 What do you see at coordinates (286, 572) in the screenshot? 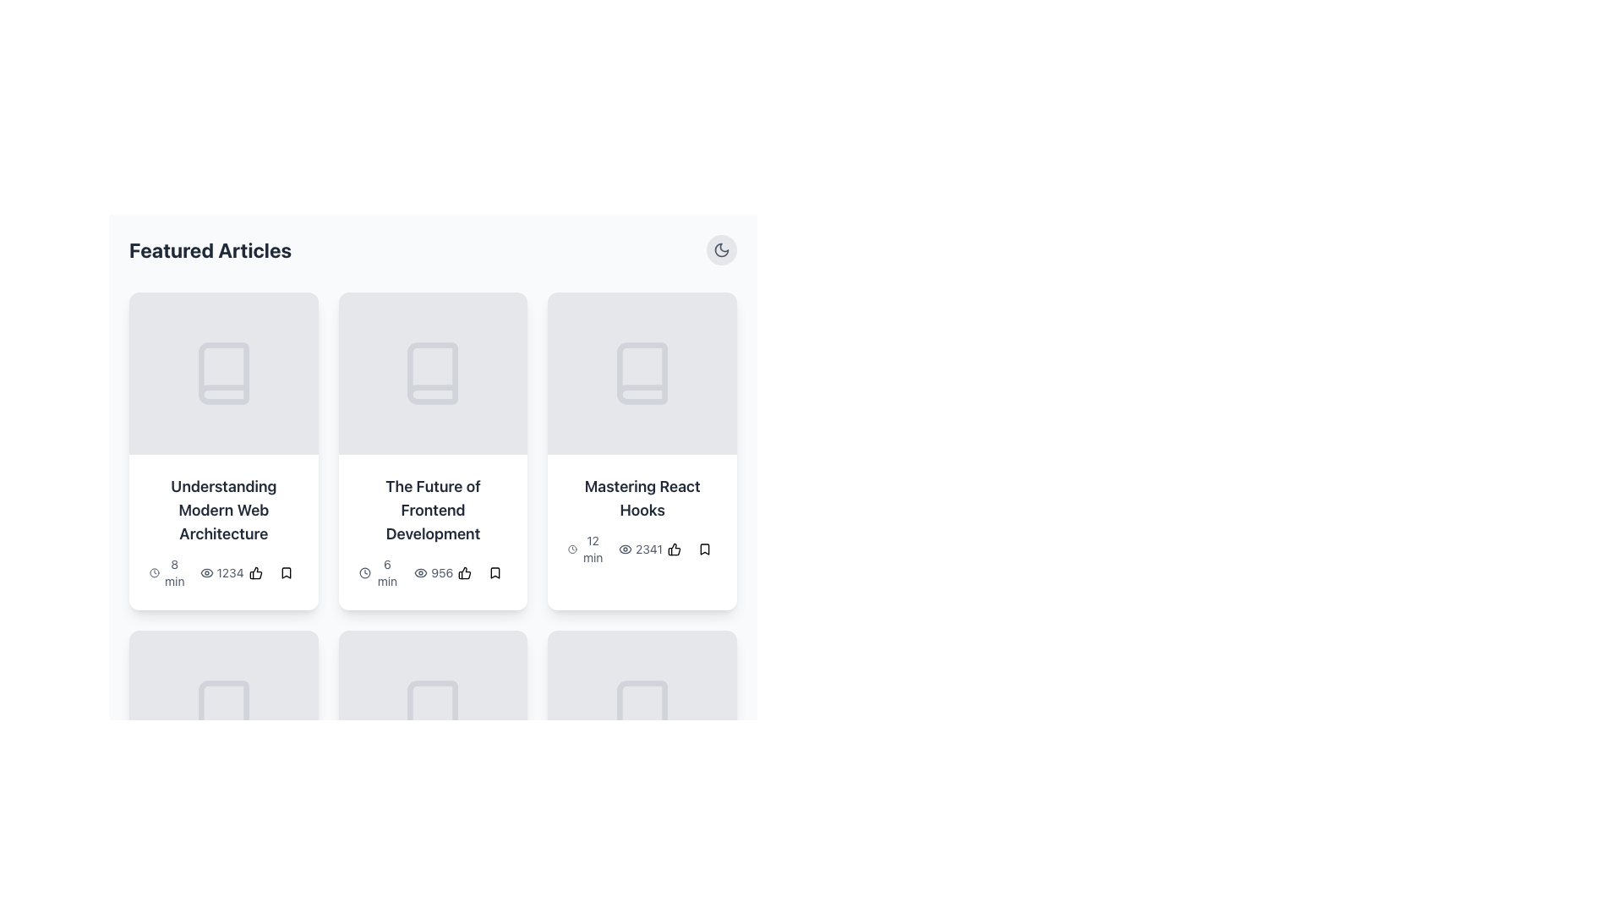
I see `the bookmark icon button located at the right end of the bottom section of the leftmost card in the grid layout` at bounding box center [286, 572].